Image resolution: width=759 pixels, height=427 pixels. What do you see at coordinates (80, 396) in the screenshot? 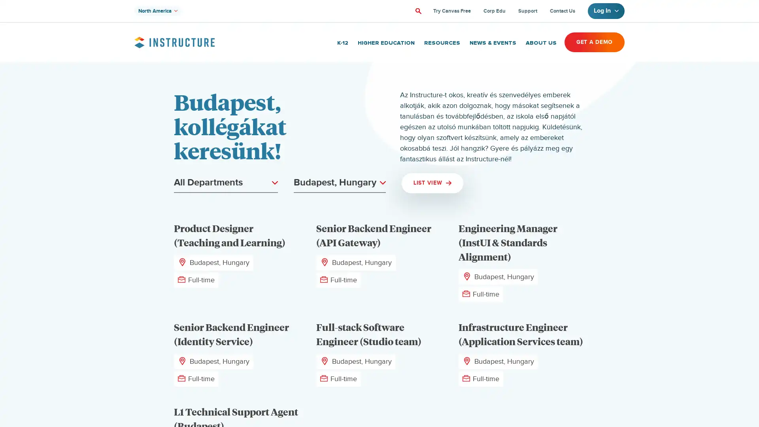
I see `Cookies Settings` at bounding box center [80, 396].